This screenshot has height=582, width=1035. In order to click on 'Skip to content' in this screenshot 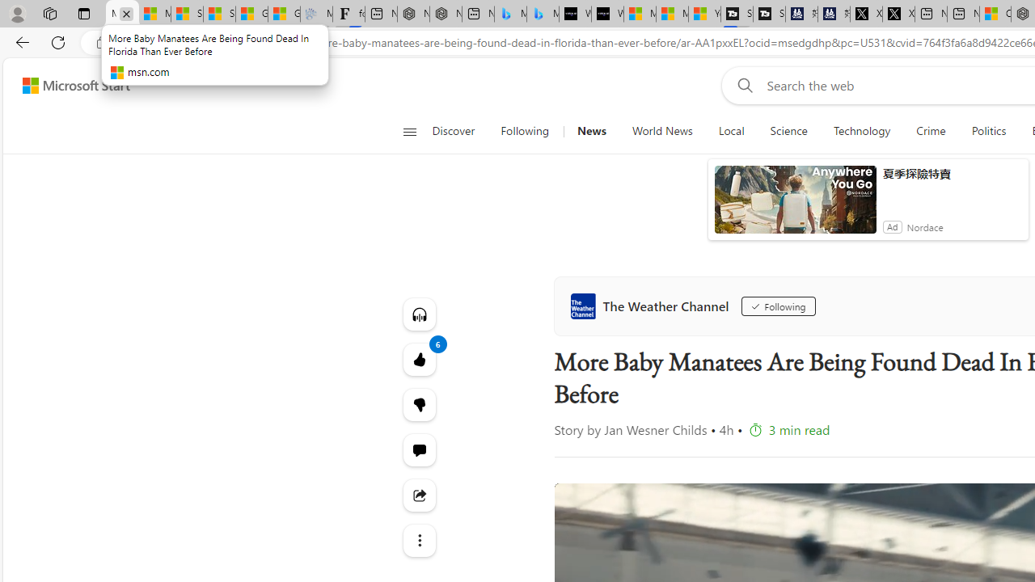, I will do `click(70, 85)`.